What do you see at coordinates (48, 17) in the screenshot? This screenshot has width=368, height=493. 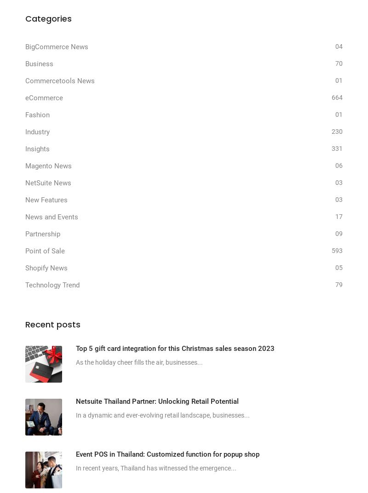 I see `'Categories'` at bounding box center [48, 17].